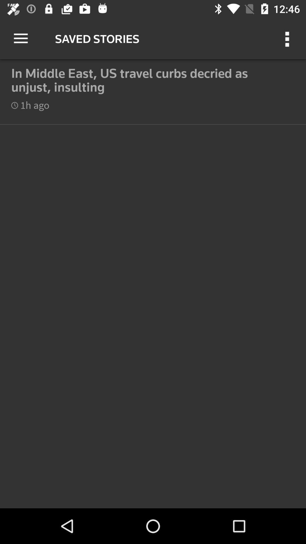  What do you see at coordinates (20, 38) in the screenshot?
I see `item next to the saved stories icon` at bounding box center [20, 38].